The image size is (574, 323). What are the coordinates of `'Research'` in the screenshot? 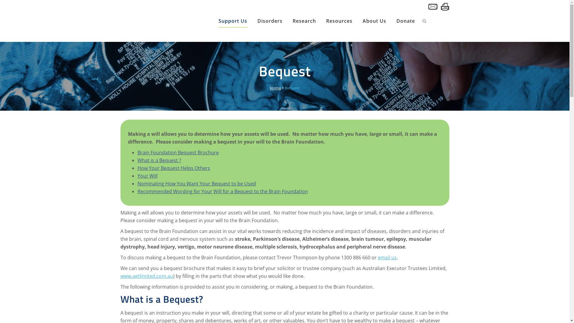 It's located at (304, 20).